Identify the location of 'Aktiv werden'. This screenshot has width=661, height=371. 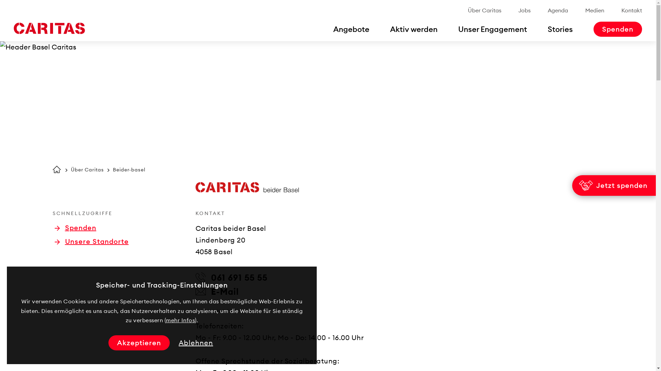
(413, 29).